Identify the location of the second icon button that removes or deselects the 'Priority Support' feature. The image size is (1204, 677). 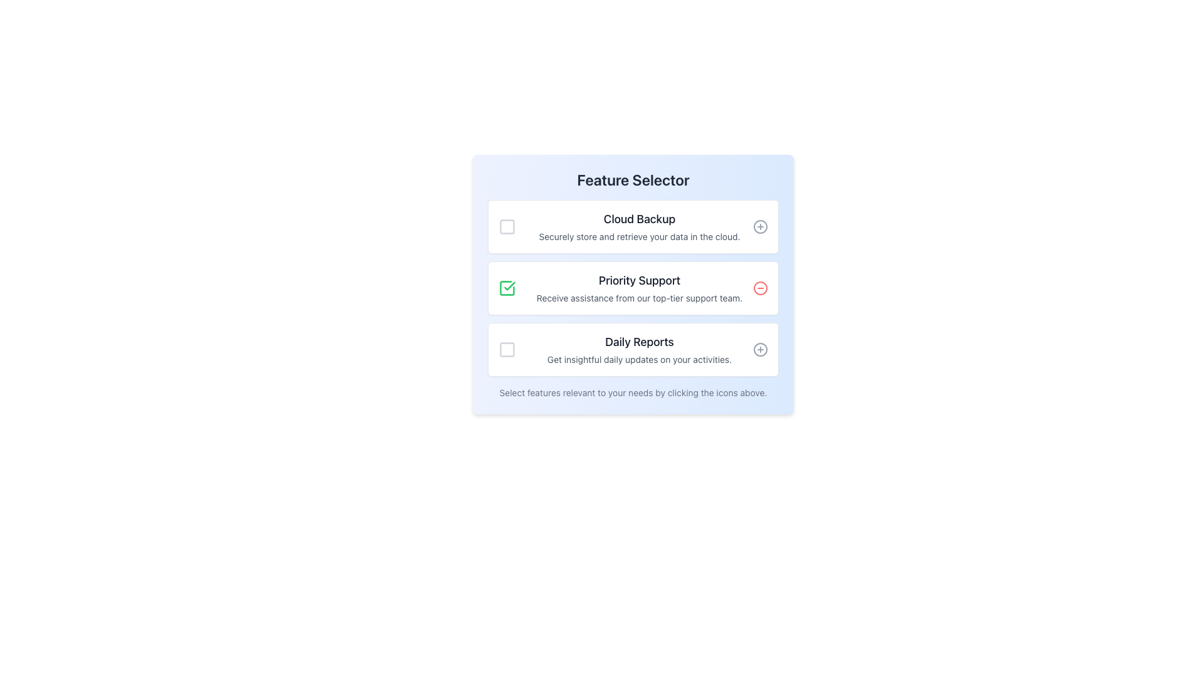
(760, 288).